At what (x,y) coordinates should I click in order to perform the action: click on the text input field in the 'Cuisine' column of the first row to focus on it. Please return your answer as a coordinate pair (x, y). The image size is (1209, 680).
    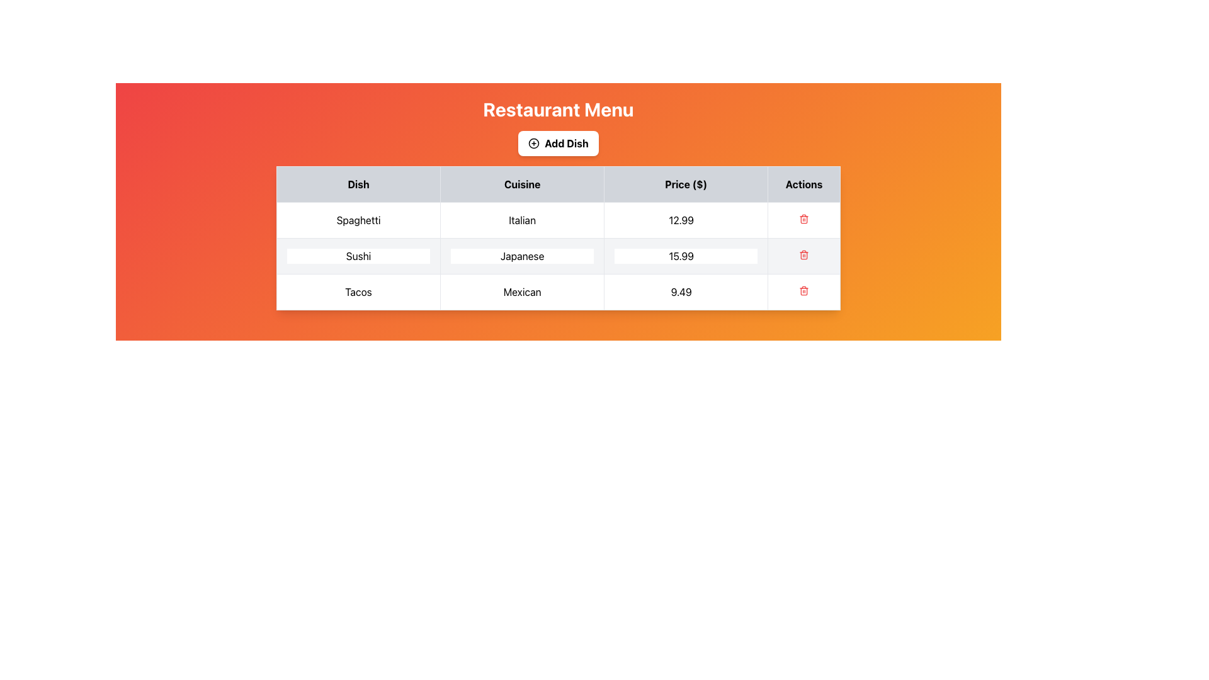
    Looking at the image, I should click on (522, 220).